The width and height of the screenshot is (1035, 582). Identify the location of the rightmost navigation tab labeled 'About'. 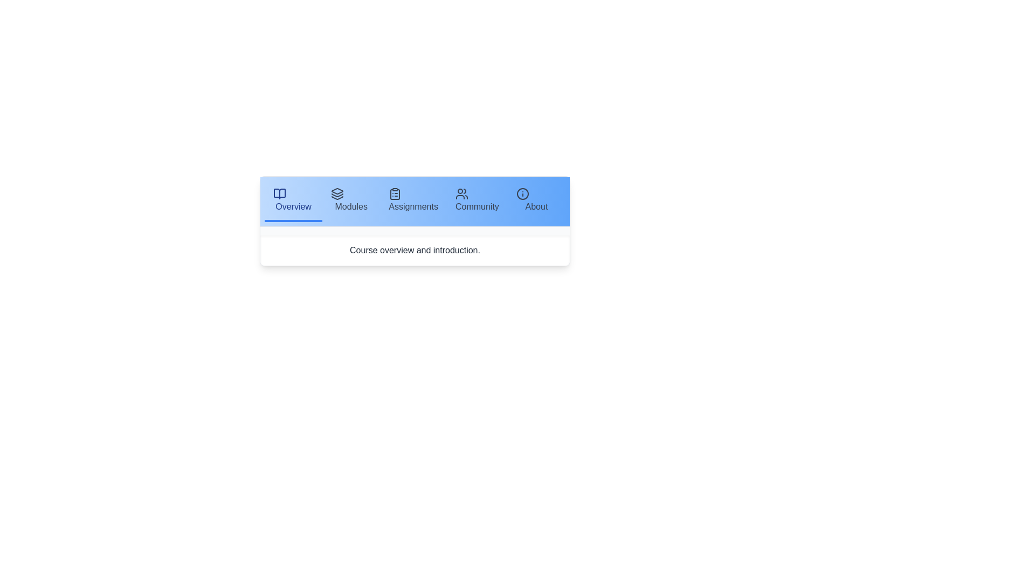
(536, 202).